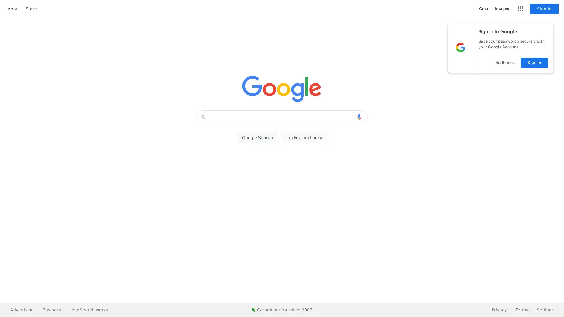 The width and height of the screenshot is (564, 317). Describe the element at coordinates (520, 9) in the screenshot. I see `Google apps` at that location.